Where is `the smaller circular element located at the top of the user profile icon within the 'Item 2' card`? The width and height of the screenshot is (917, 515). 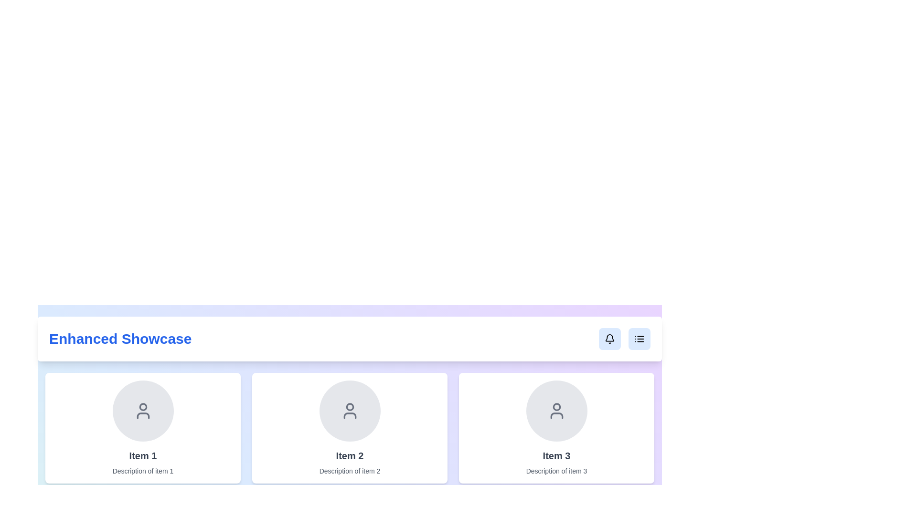
the smaller circular element located at the top of the user profile icon within the 'Item 2' card is located at coordinates (349, 407).